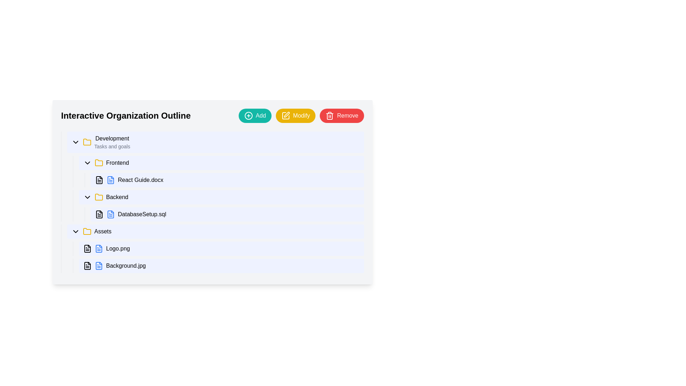 The height and width of the screenshot is (386, 686). I want to click on the folder icon representing the 'Frontend' section in the 'Development' category, so click(99, 163).